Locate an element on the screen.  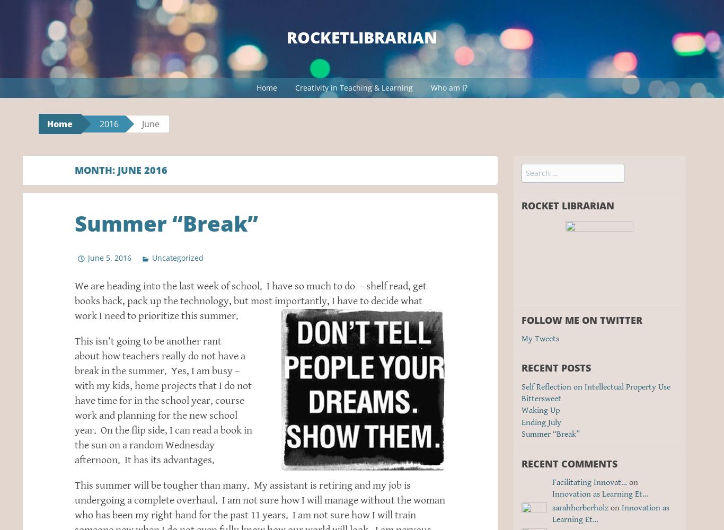
'Follow me on Twitter' is located at coordinates (581, 319).